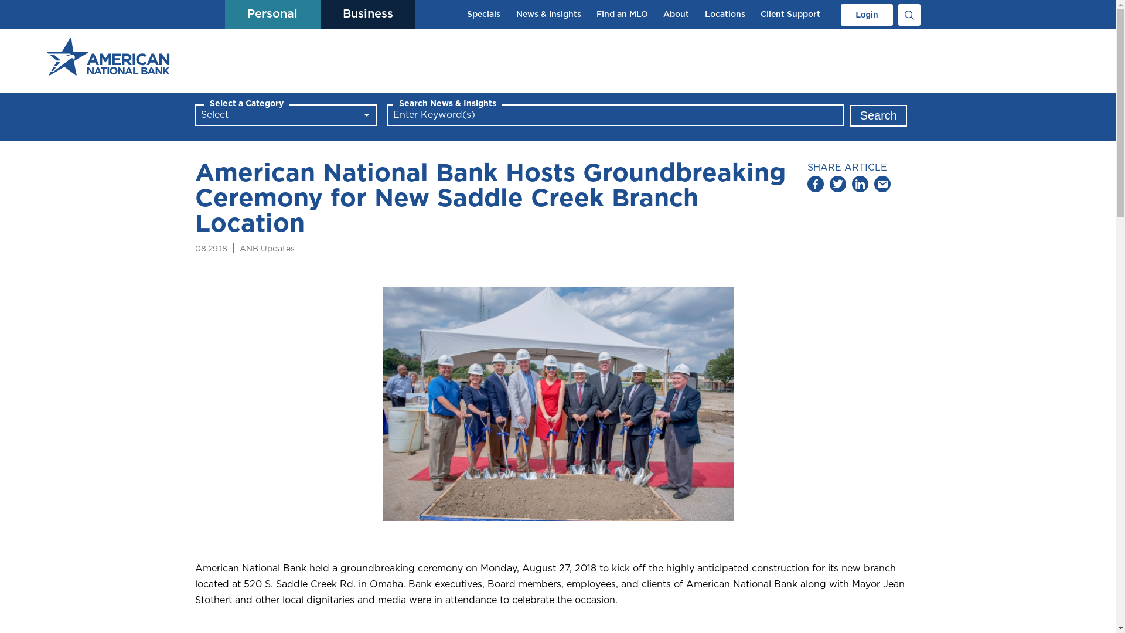  What do you see at coordinates (838, 186) in the screenshot?
I see `'Tweet this'` at bounding box center [838, 186].